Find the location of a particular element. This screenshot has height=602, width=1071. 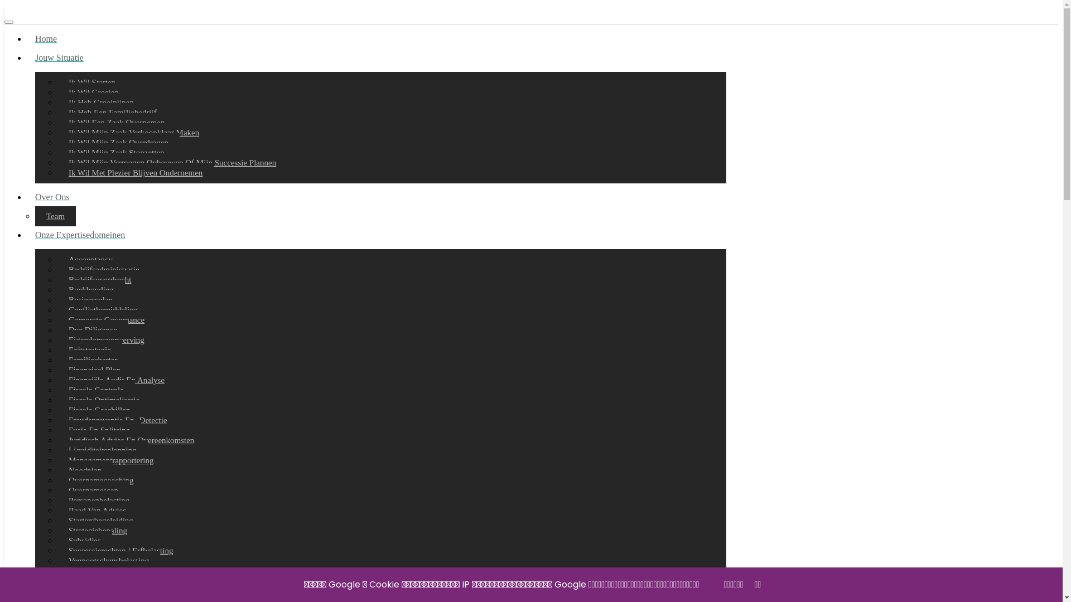

'Bedrijfsoverdracht' is located at coordinates (99, 279).